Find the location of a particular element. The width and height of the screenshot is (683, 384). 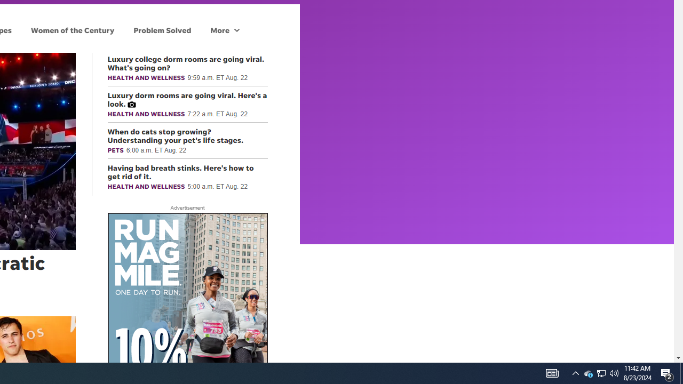

'Problem Solved' is located at coordinates (162, 29).